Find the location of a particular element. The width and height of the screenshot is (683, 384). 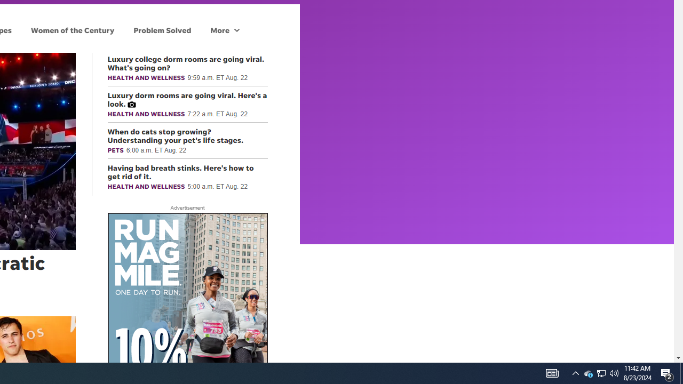

'Problem Solved' is located at coordinates (162, 29).